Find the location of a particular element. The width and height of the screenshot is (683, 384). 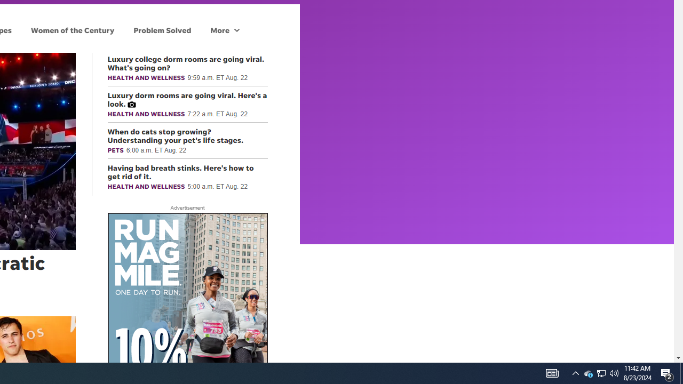

'Problem Solved' is located at coordinates (162, 29).